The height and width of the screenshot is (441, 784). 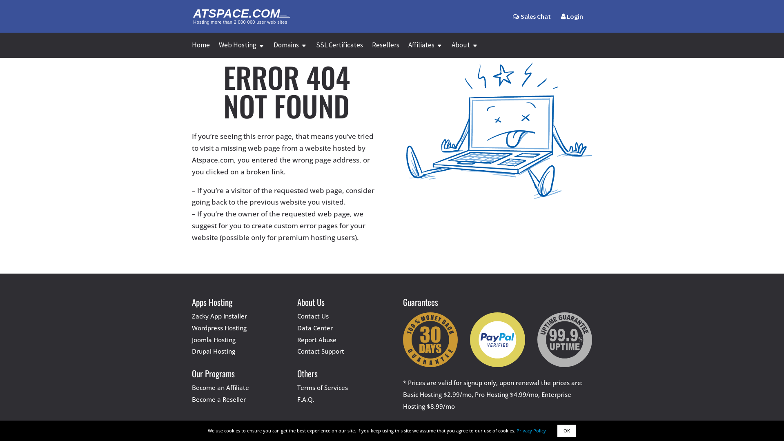 I want to click on 'Terms of Services', so click(x=322, y=387).